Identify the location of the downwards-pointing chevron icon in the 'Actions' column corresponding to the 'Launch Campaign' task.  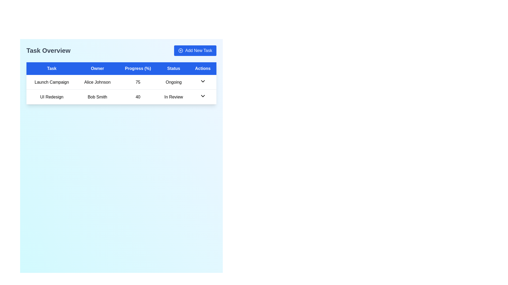
(202, 81).